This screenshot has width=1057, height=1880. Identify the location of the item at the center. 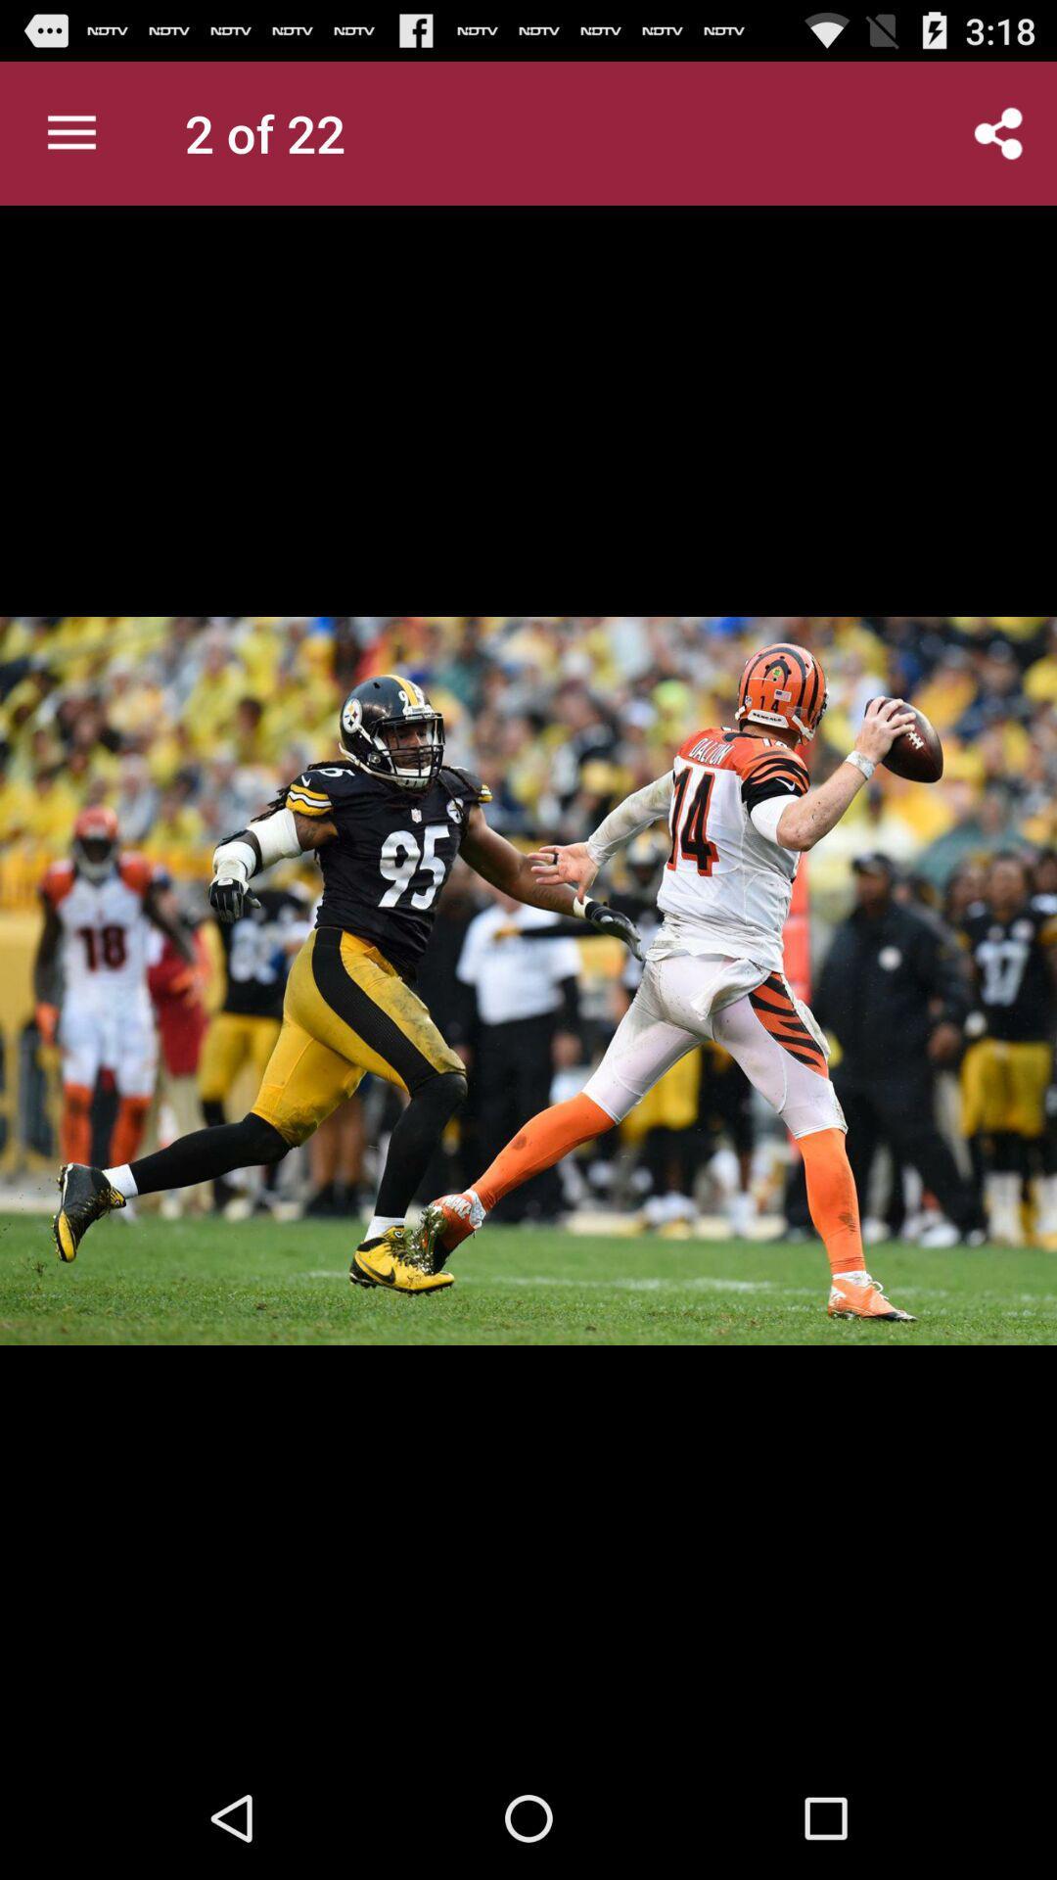
(528, 981).